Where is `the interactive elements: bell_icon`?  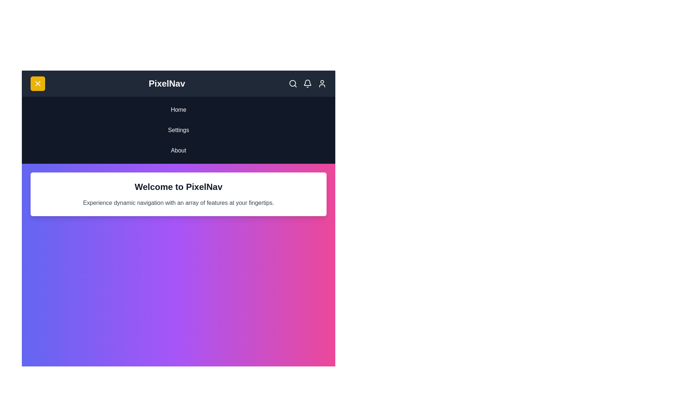
the interactive elements: bell_icon is located at coordinates (307, 83).